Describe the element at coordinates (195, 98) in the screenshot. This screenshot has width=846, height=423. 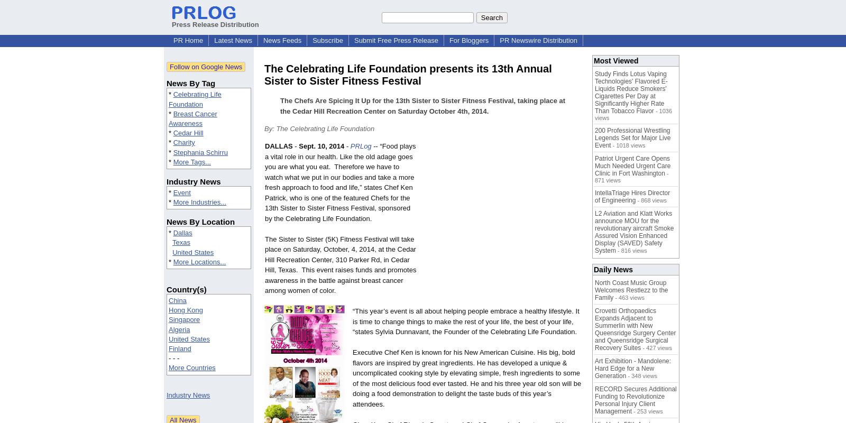
I see `'Celebrating Life Foundation'` at that location.